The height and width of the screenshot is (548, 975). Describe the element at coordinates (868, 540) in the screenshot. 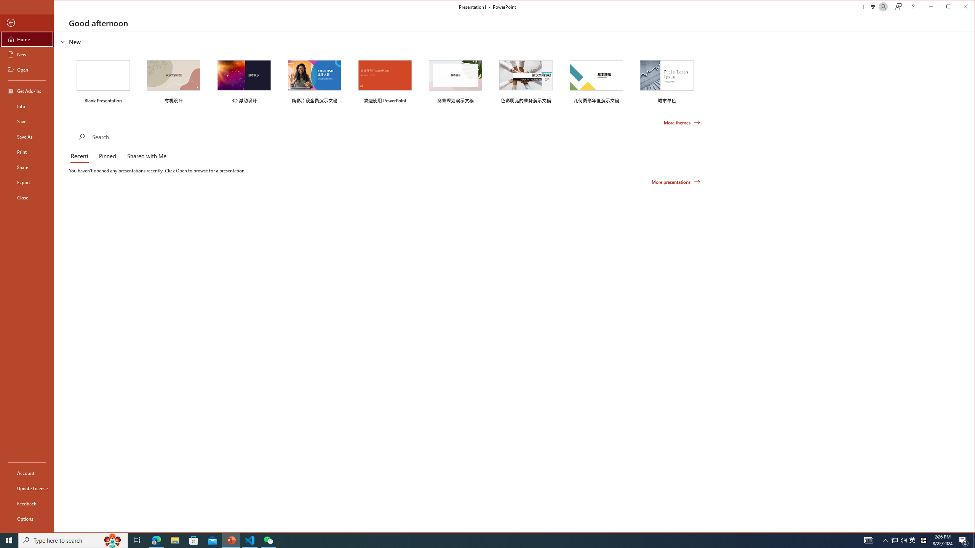

I see `'AutomationID: 4105'` at that location.